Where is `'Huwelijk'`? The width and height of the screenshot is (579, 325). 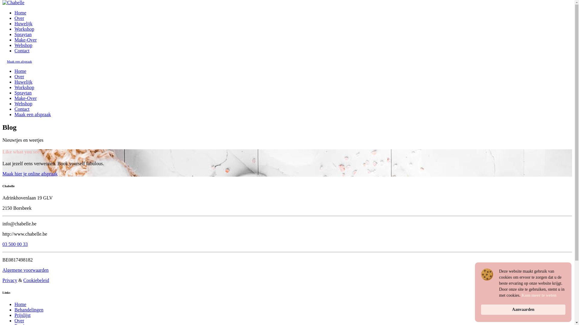 'Huwelijk' is located at coordinates (23, 23).